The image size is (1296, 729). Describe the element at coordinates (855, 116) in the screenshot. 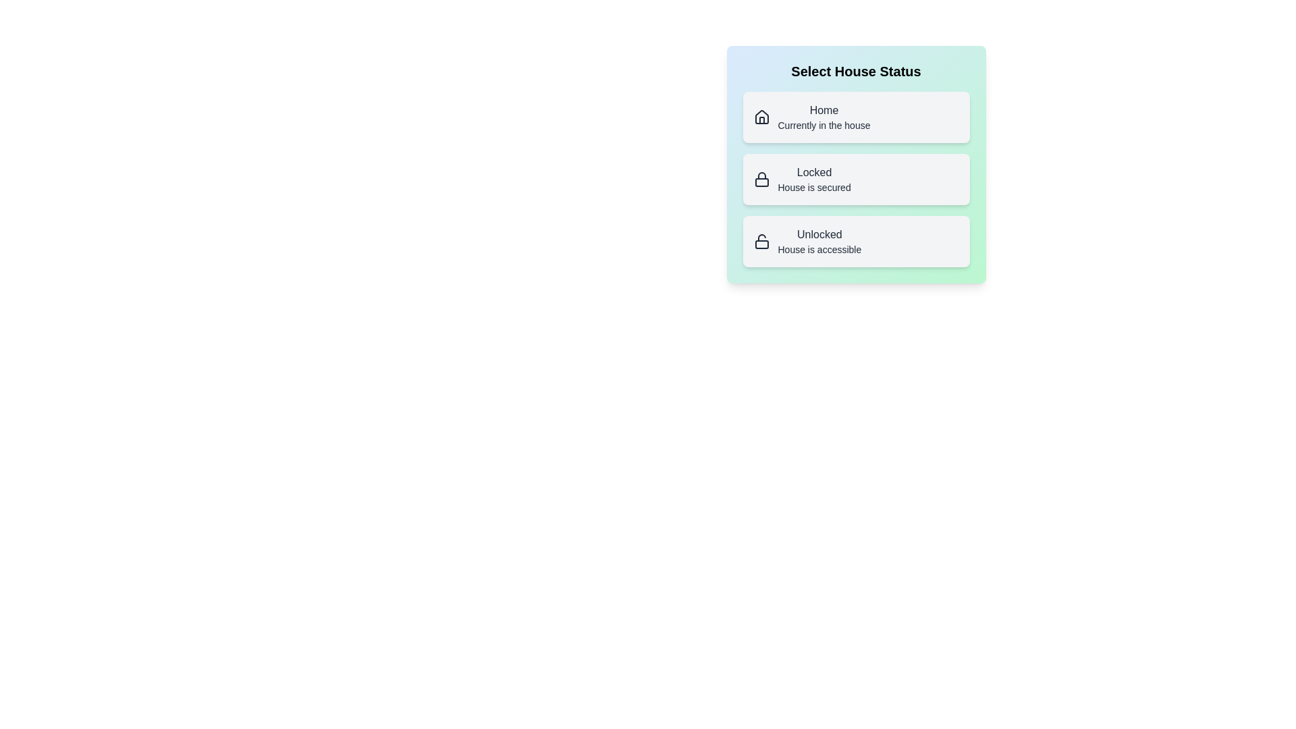

I see `the button labeled Home to observe its hover effect` at that location.